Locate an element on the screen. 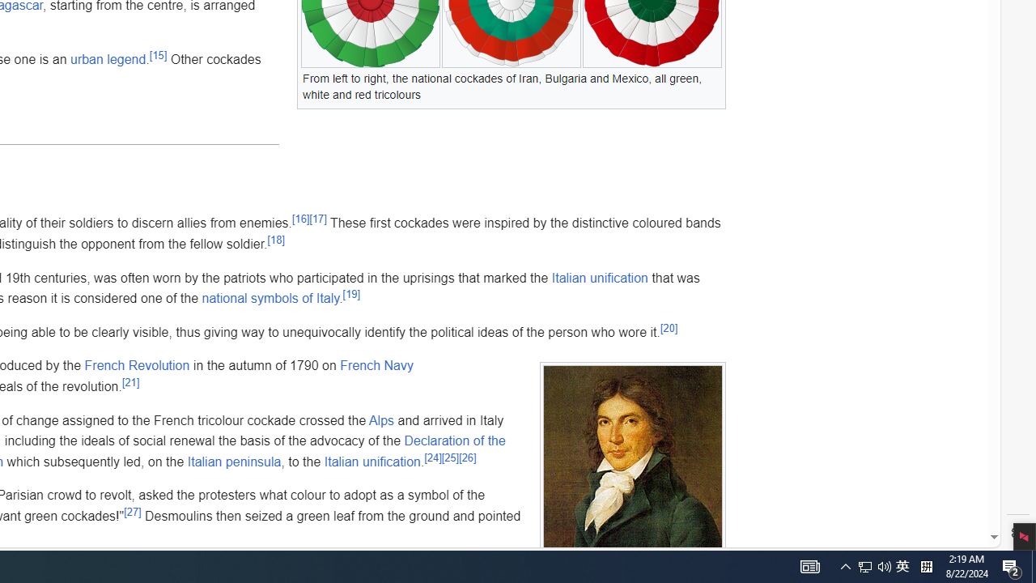 This screenshot has height=583, width=1036. 'urban legend' is located at coordinates (107, 58).